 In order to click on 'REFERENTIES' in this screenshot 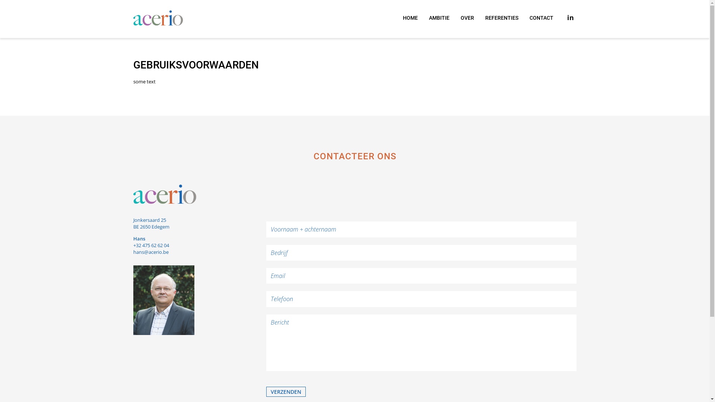, I will do `click(501, 18)`.